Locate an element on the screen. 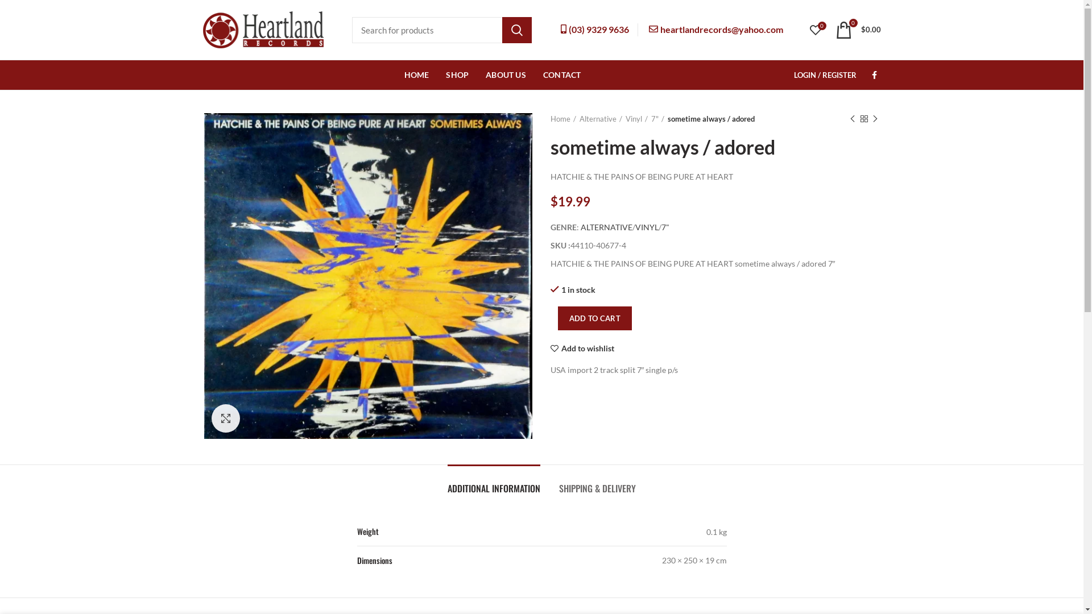  'Alternative' is located at coordinates (599, 118).